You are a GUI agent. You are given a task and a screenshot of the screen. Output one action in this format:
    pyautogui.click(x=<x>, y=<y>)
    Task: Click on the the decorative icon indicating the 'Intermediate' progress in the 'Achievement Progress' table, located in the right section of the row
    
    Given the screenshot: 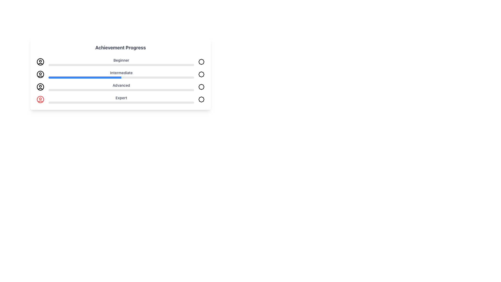 What is the action you would take?
    pyautogui.click(x=201, y=74)
    